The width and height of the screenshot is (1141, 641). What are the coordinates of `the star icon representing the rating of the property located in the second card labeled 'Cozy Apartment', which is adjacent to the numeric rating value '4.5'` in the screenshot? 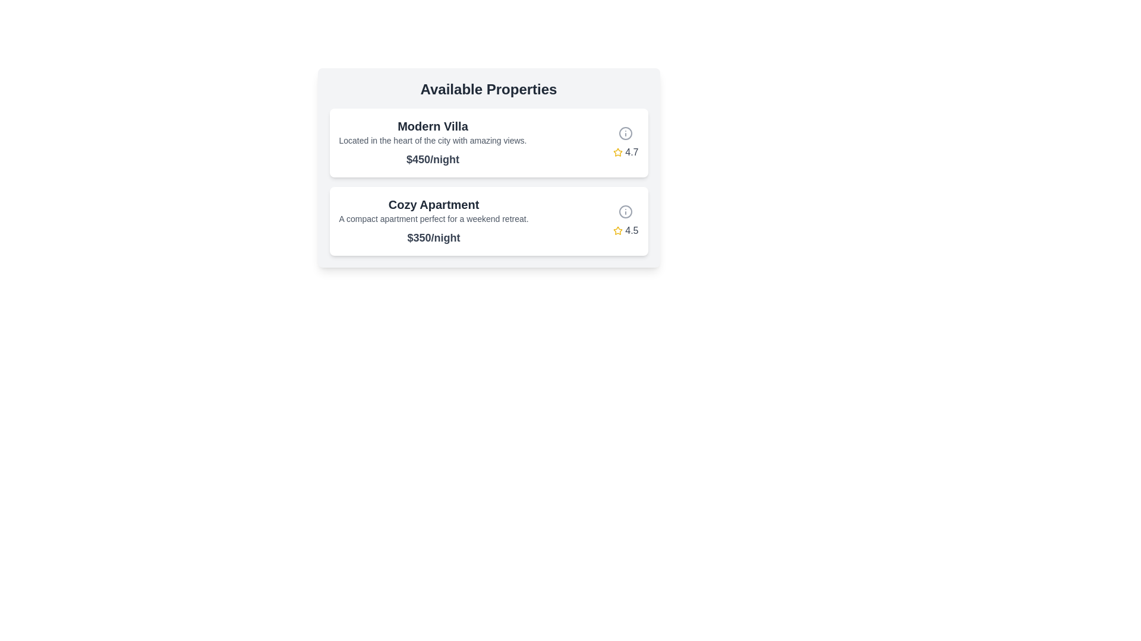 It's located at (618, 231).